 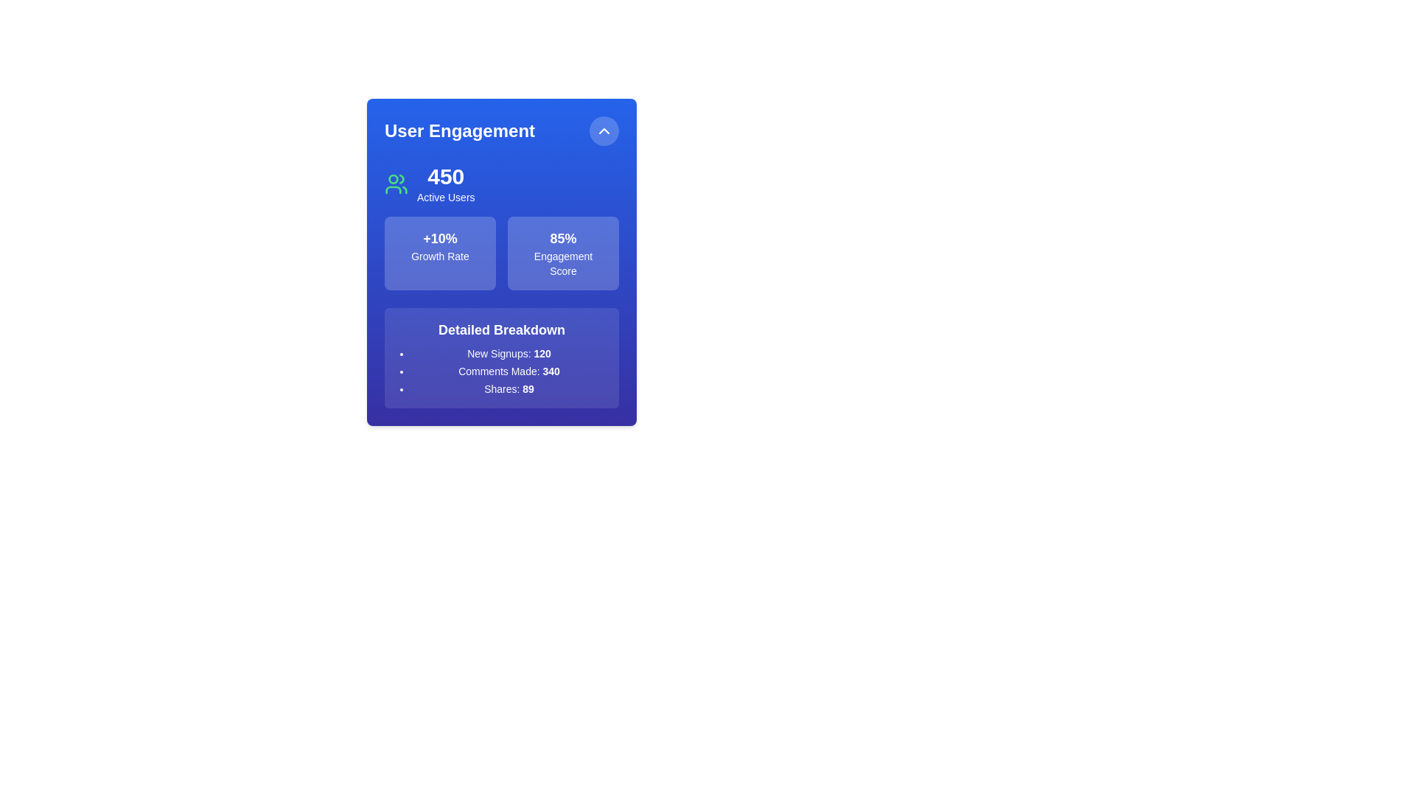 I want to click on the text label displaying 'Engagement Score', which is positioned below the larger percentage text ('85%') in the upper right section of the user engagement interface, so click(x=562, y=263).